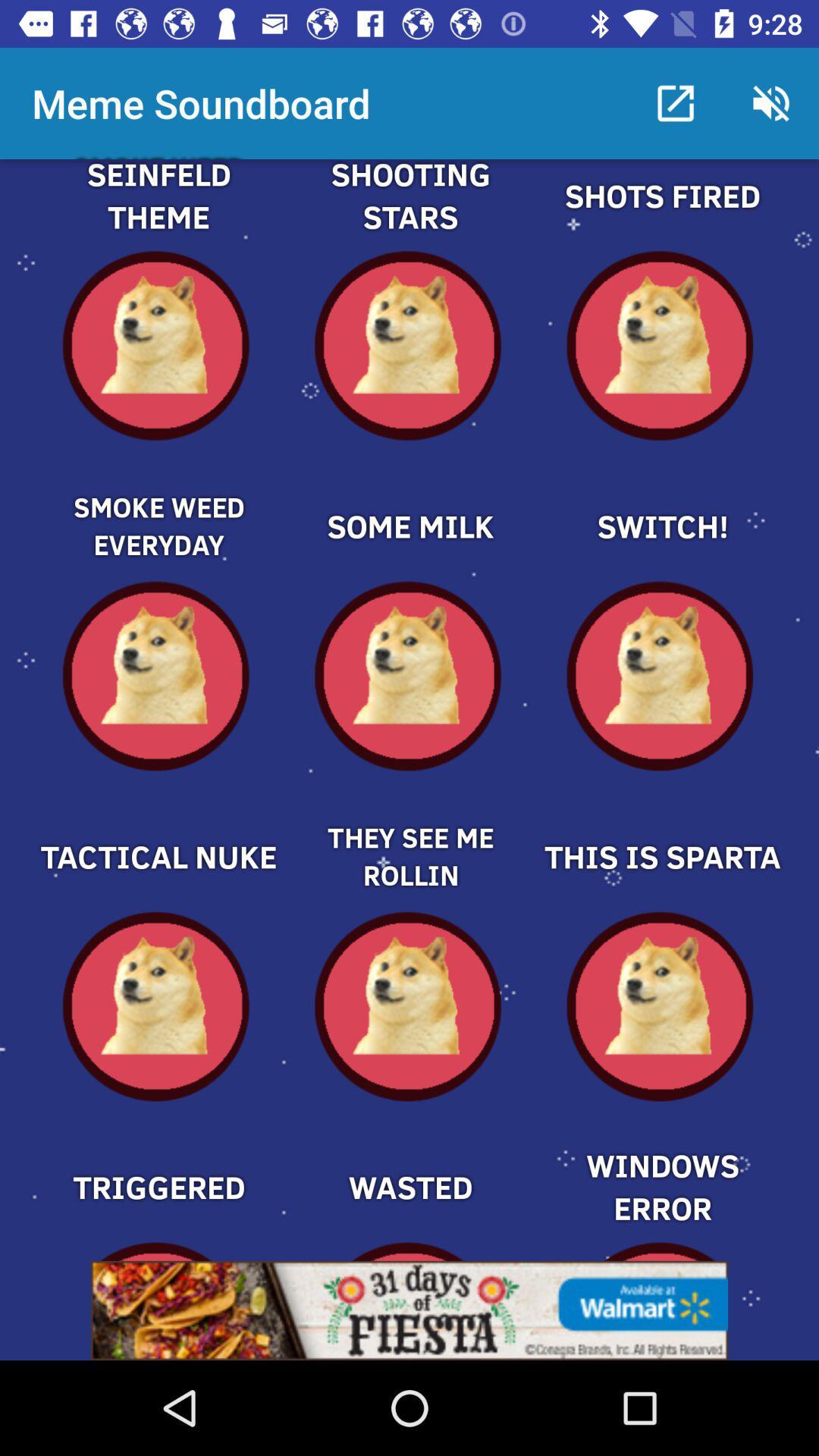  I want to click on selected sounds, so click(409, 213).